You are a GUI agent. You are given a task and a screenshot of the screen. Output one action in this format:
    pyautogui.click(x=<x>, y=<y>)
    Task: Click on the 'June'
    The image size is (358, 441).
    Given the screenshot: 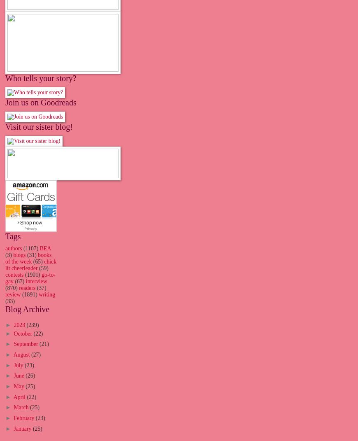 What is the action you would take?
    pyautogui.click(x=19, y=376)
    